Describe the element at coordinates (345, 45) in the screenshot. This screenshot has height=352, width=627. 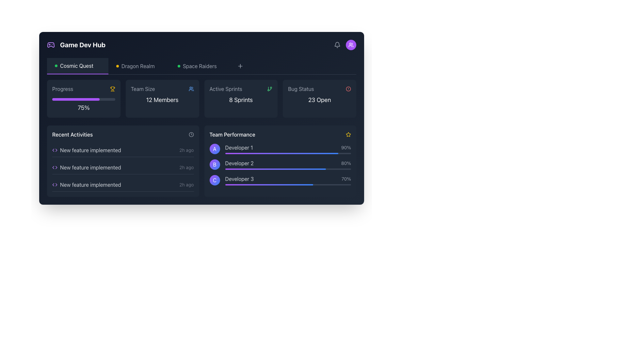
I see `the circular button with a purple background and a white icon of two stylized individuals, which is the second item from the right` at that location.